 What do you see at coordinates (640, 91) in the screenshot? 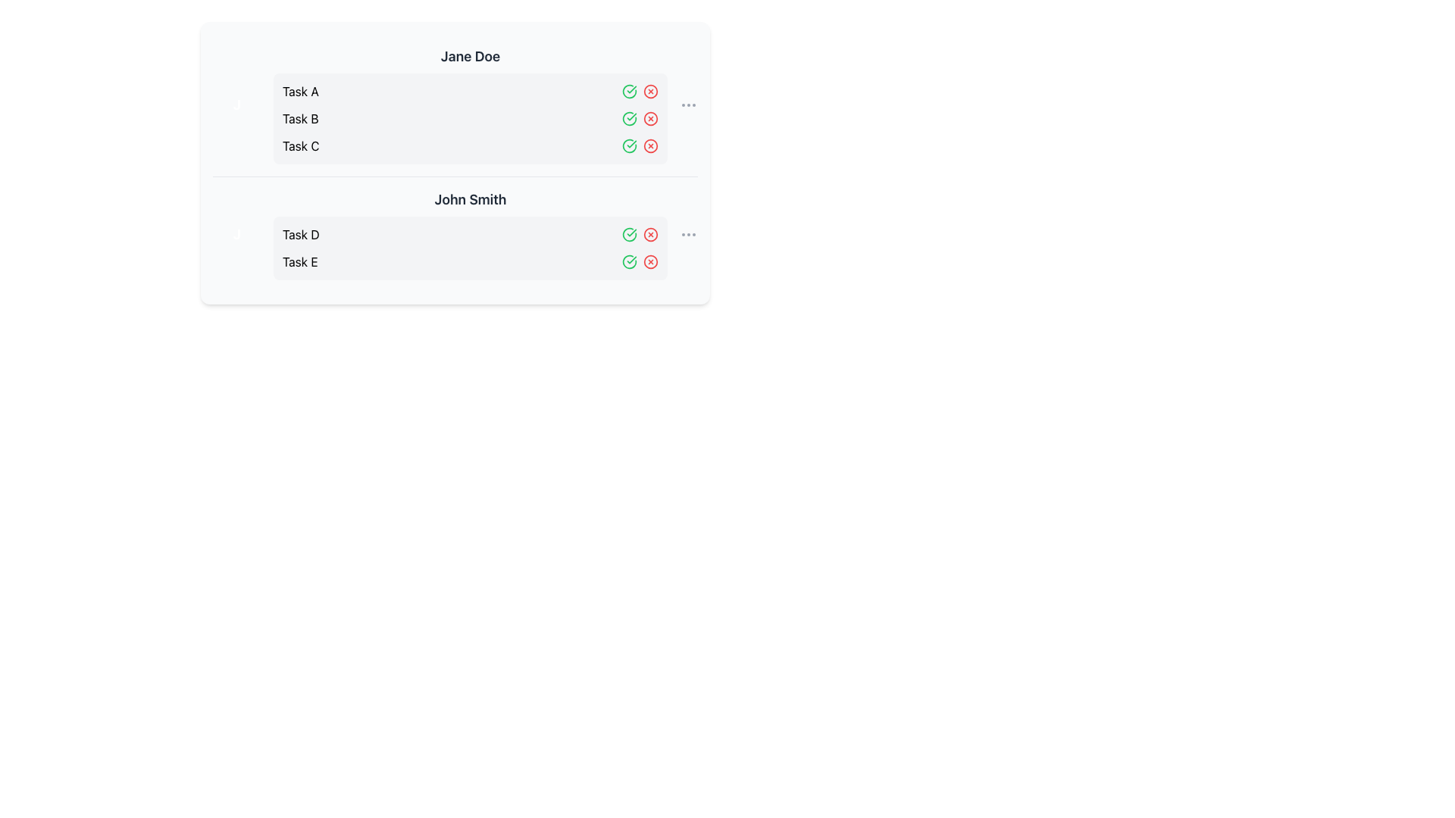
I see `the group of action icons located at the rightmost side of the row labeled 'Task A' under the 'Jane Doe' section` at bounding box center [640, 91].